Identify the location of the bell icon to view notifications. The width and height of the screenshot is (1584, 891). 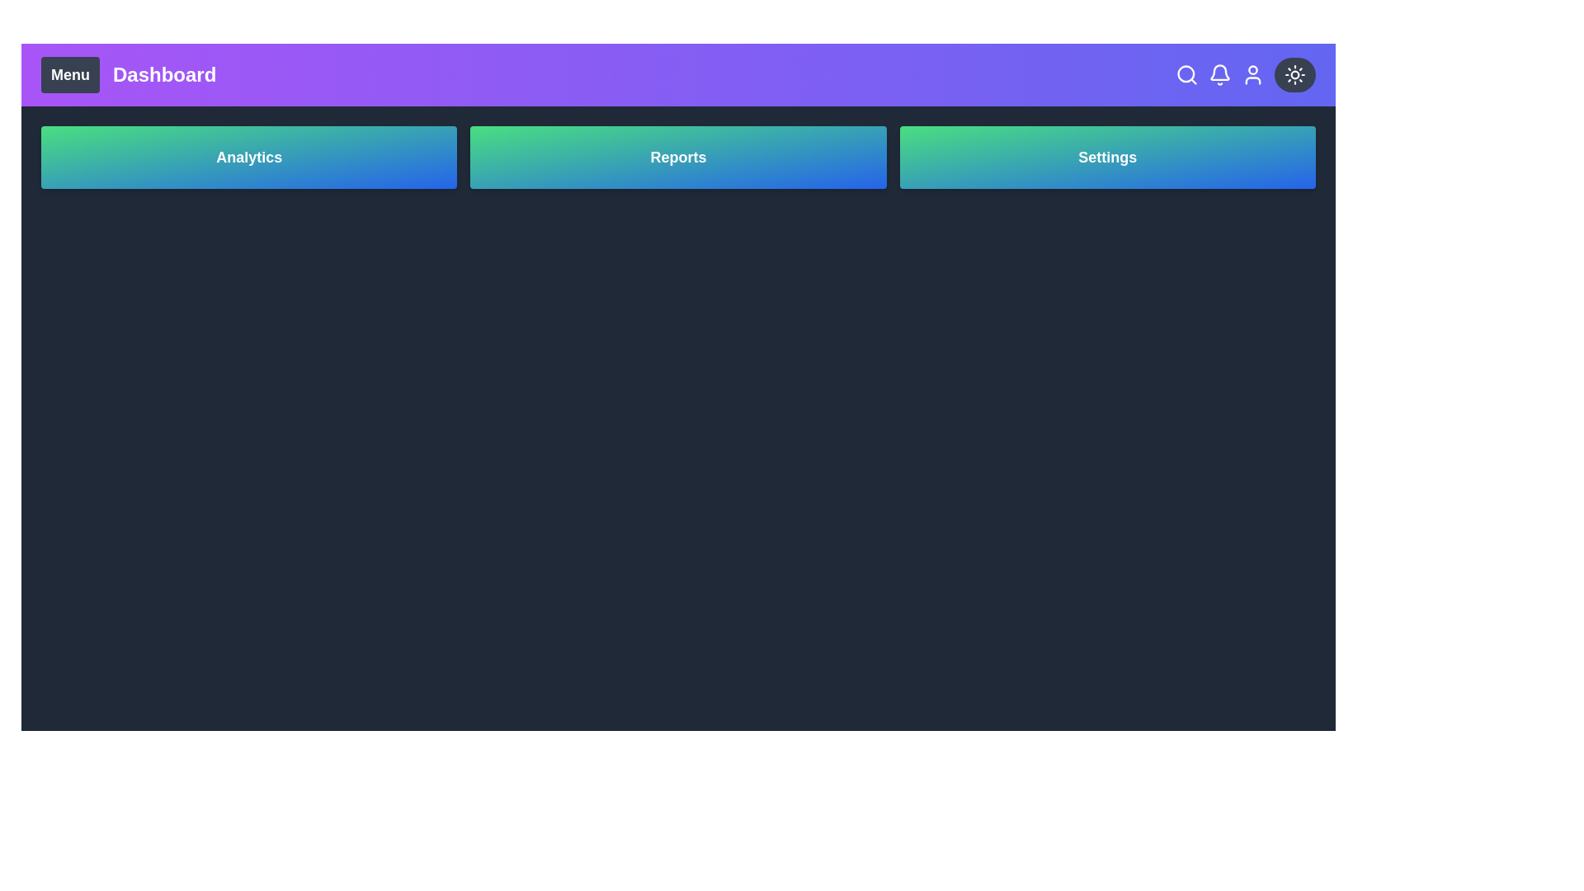
(1219, 75).